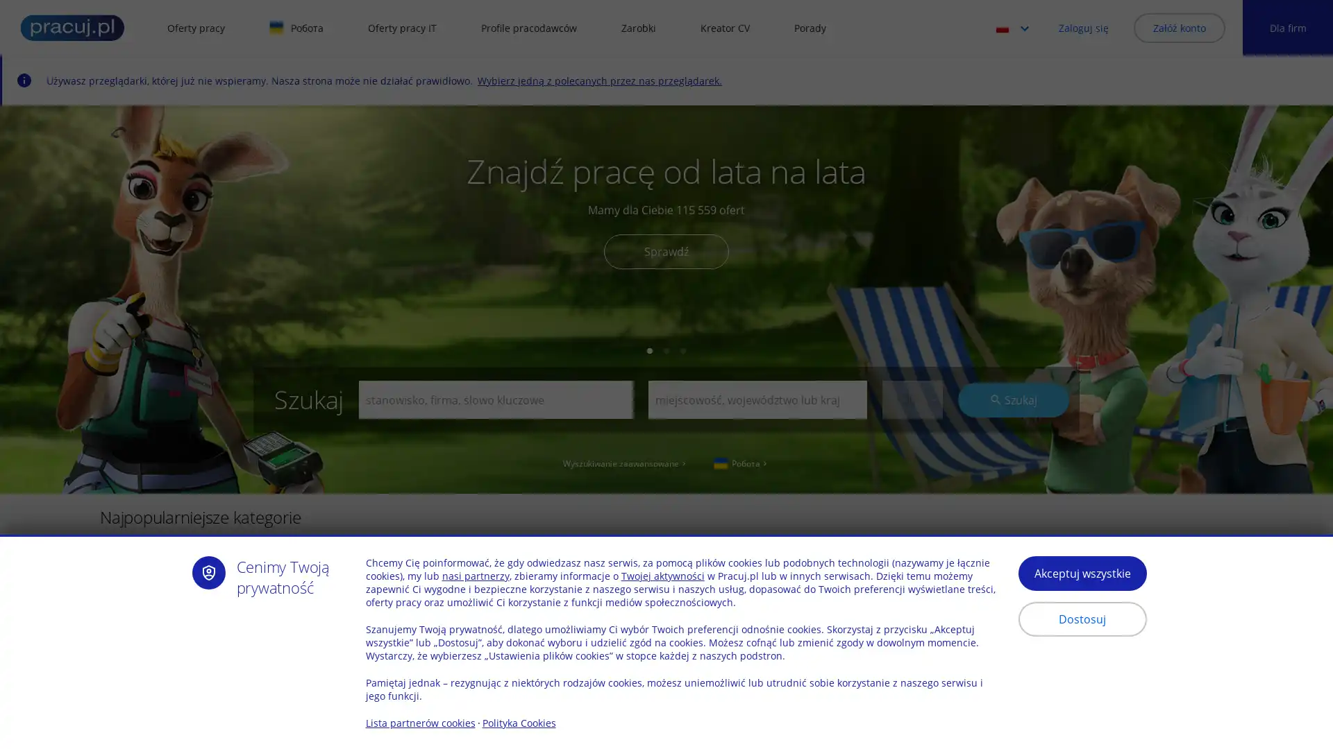 This screenshot has width=1333, height=749. Describe the element at coordinates (912, 399) in the screenshot. I see `+ 30 km` at that location.